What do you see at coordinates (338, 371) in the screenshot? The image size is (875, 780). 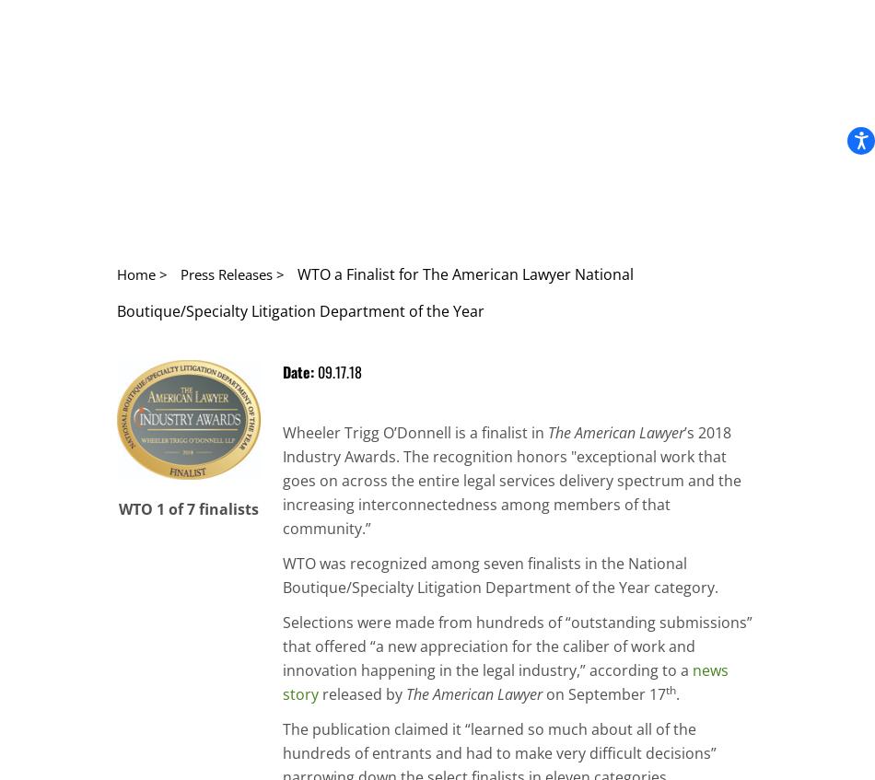 I see `'09.17.18'` at bounding box center [338, 371].